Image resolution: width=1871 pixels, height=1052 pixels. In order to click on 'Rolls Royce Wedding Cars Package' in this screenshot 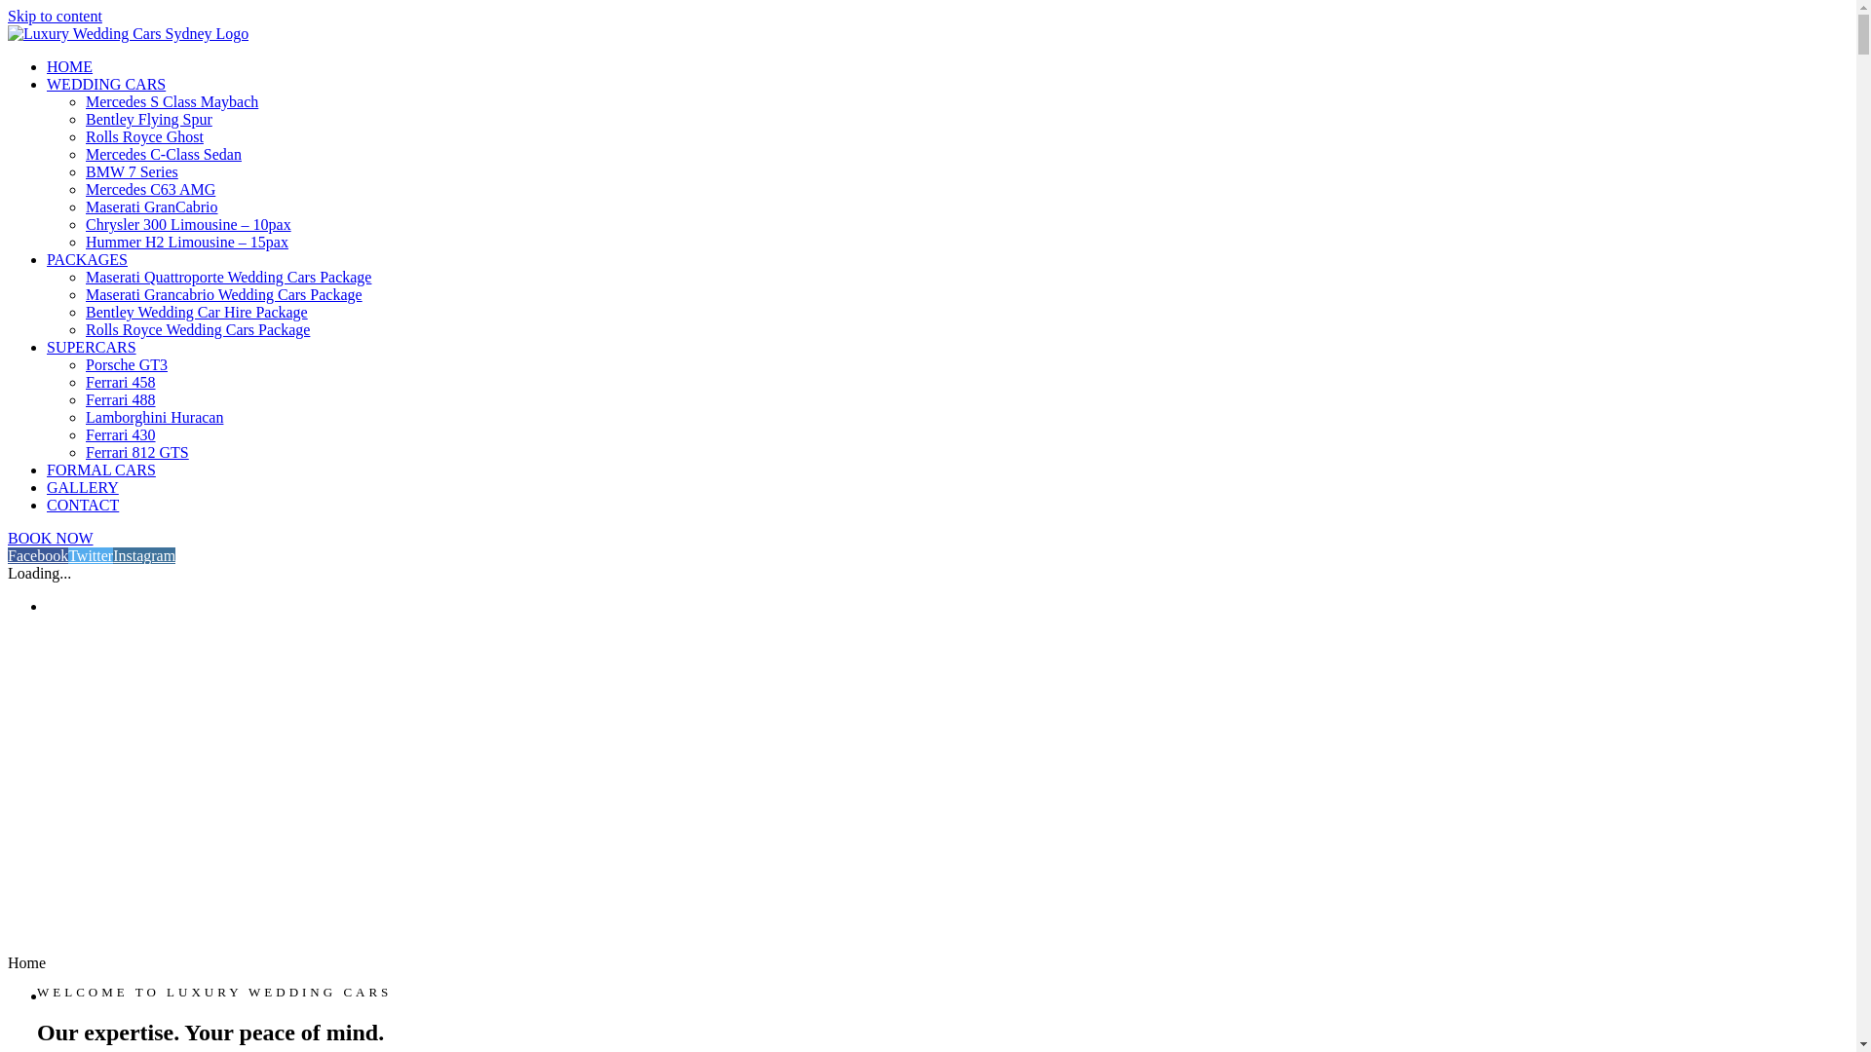, I will do `click(197, 328)`.